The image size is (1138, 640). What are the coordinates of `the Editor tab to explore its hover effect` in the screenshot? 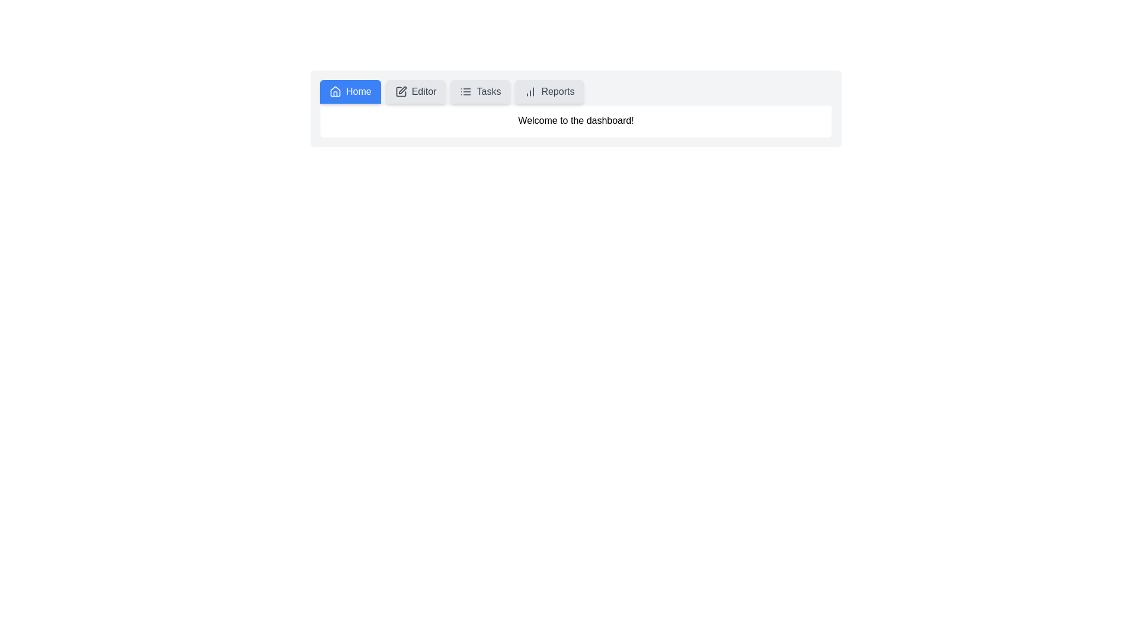 It's located at (415, 91).